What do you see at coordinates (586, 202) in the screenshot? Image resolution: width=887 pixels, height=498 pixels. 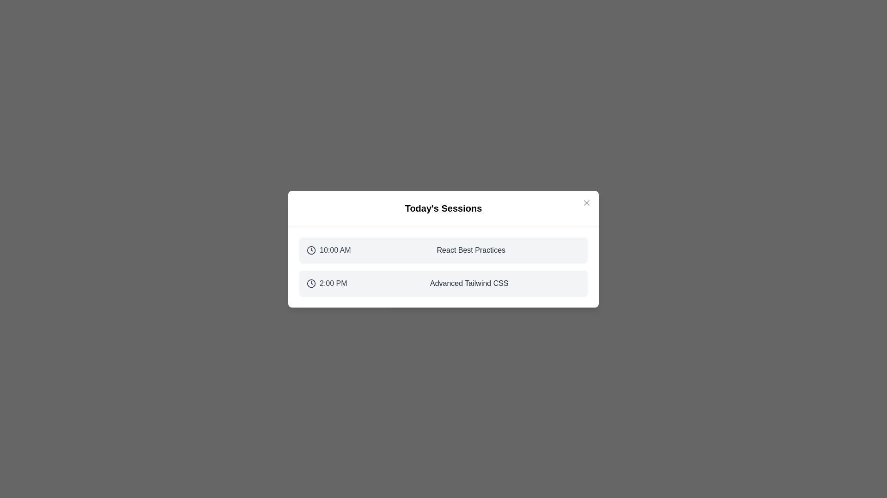 I see `close button at the top-right corner of the session modal` at bounding box center [586, 202].